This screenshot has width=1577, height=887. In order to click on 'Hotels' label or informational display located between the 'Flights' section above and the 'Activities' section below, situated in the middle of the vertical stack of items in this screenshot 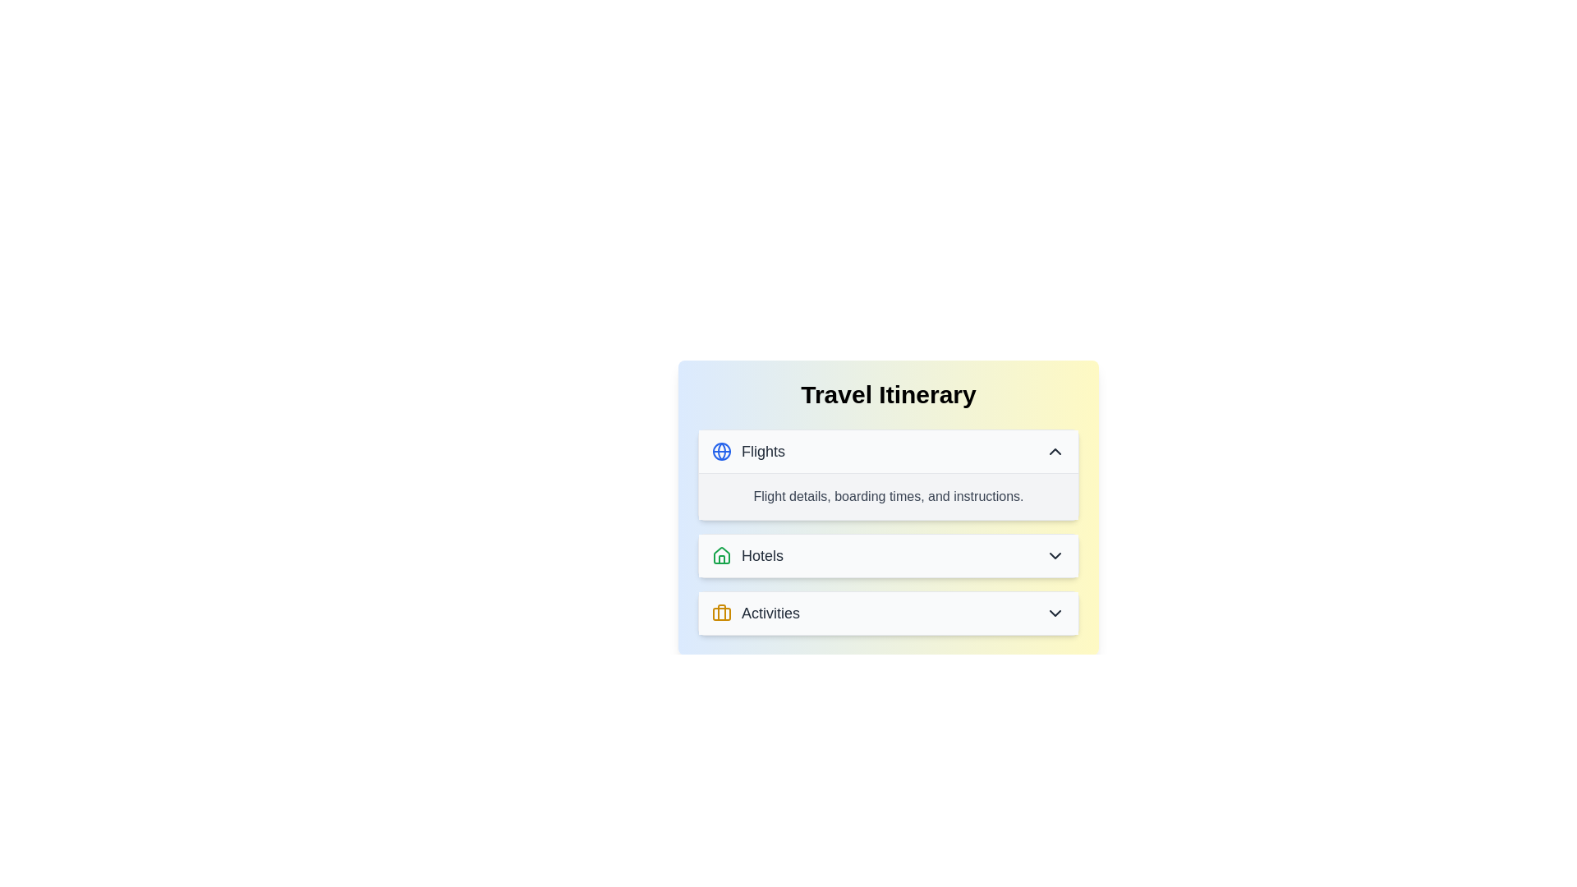, I will do `click(747, 555)`.